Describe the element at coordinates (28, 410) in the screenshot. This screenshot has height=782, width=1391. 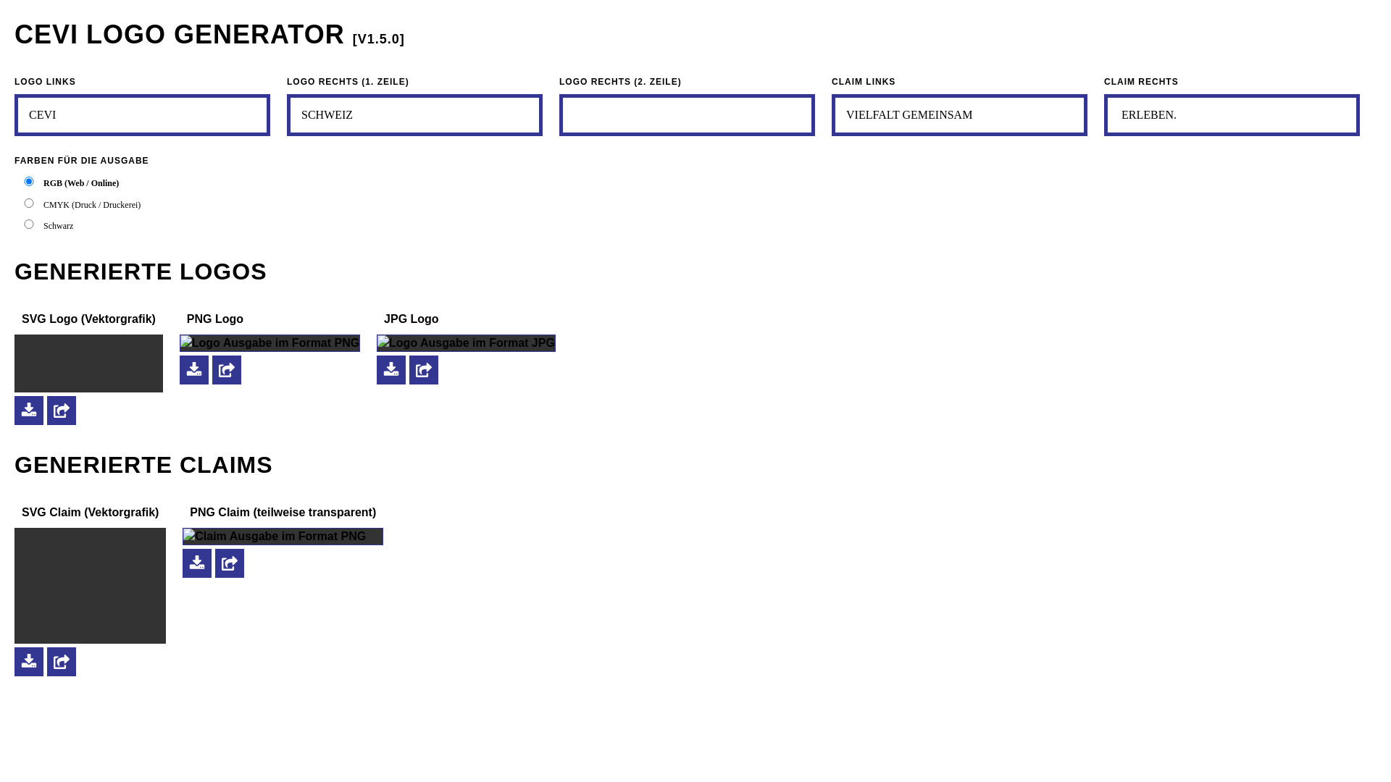
I see `'Download SVG Logo'` at that location.